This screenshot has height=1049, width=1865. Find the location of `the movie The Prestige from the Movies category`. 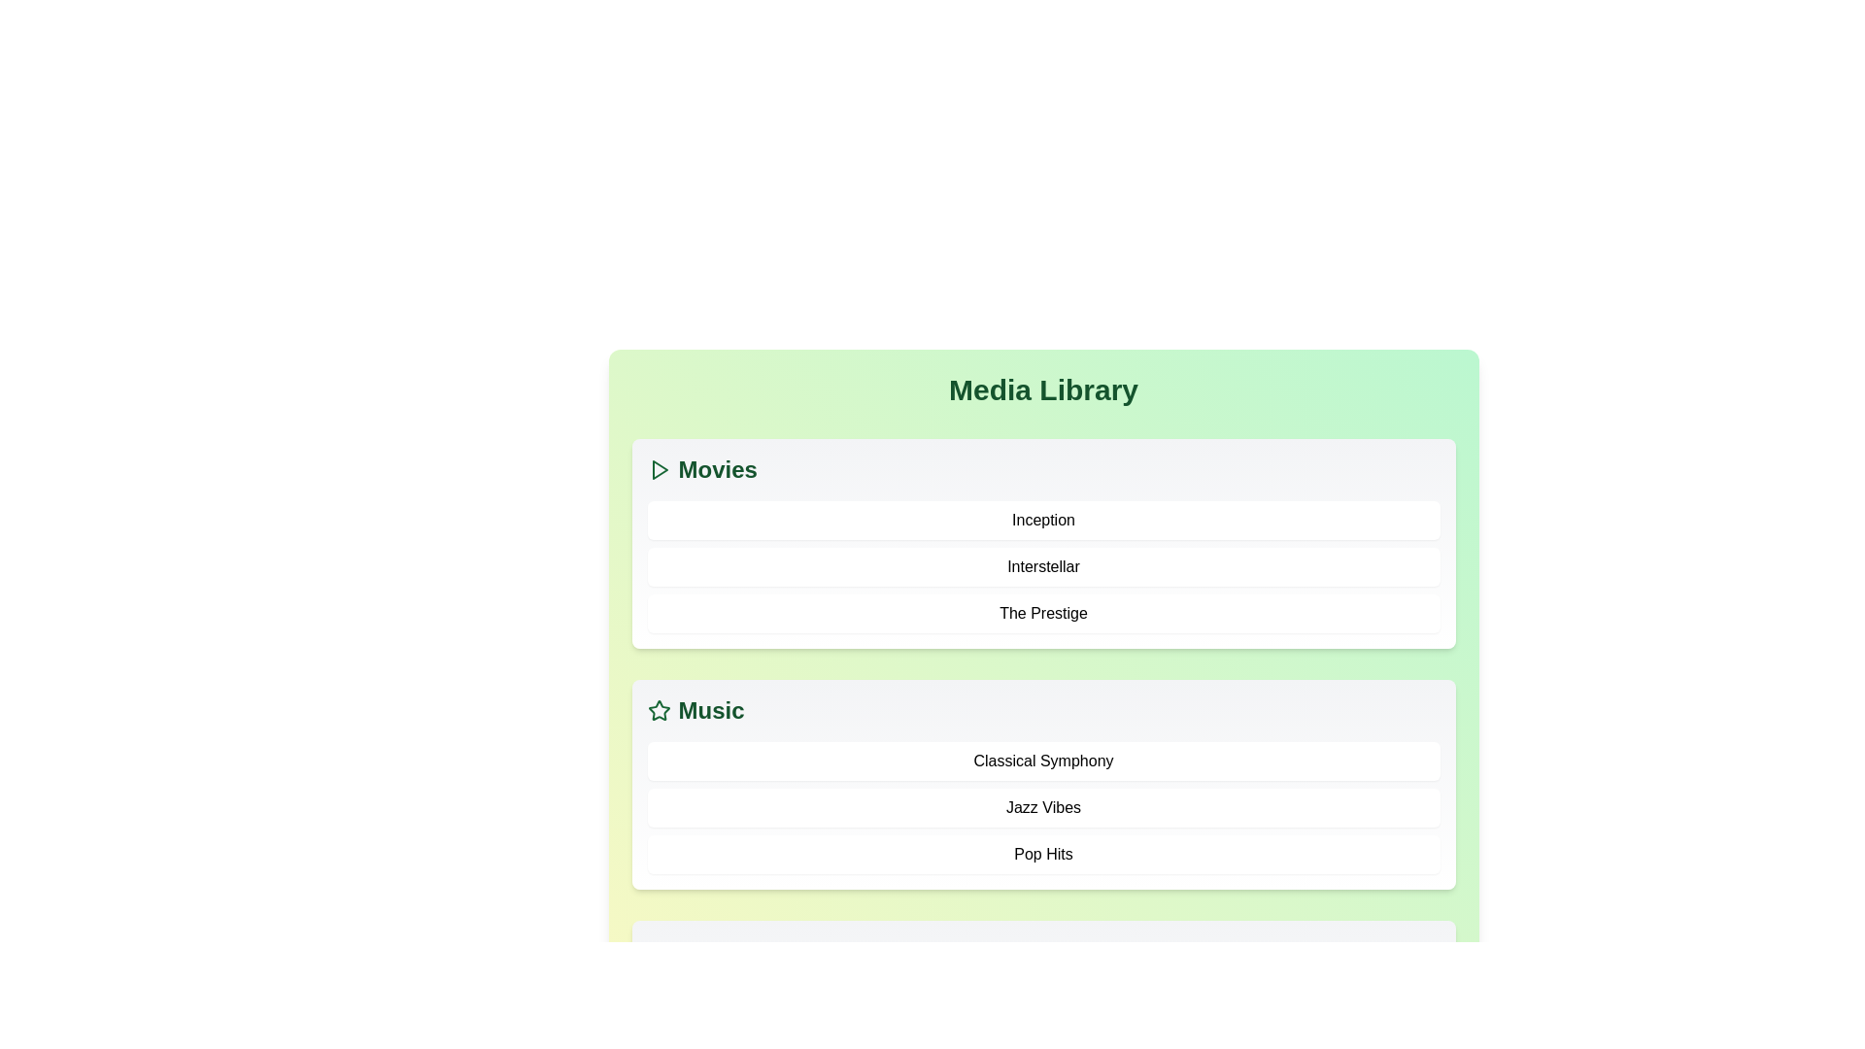

the movie The Prestige from the Movies category is located at coordinates (1042, 614).